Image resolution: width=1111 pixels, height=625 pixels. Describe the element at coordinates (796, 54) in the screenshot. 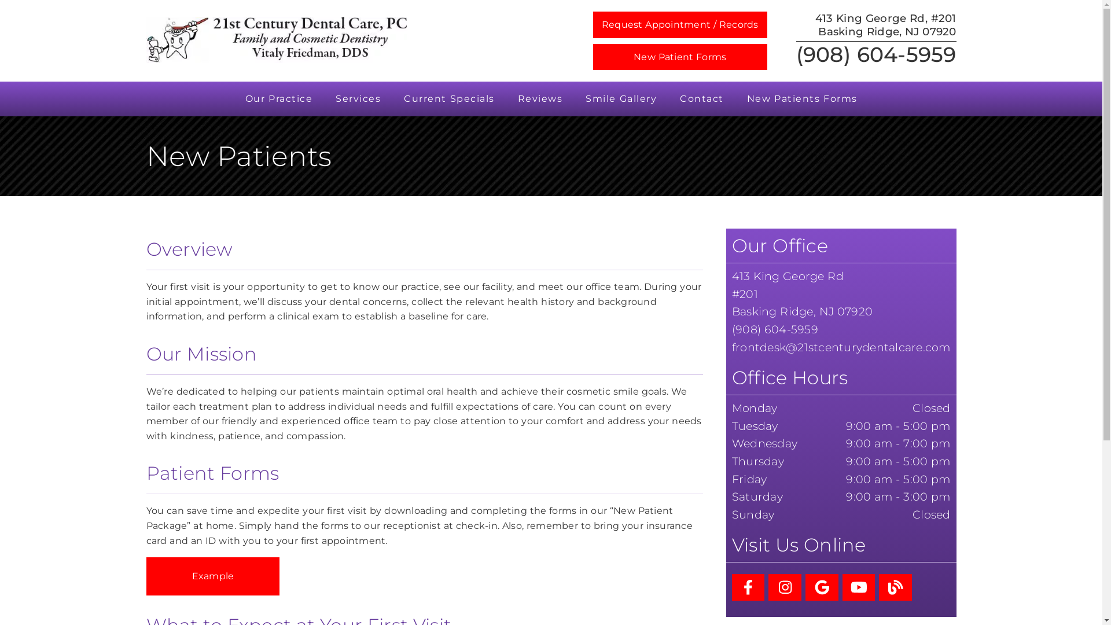

I see `'(908) 604-5959'` at that location.